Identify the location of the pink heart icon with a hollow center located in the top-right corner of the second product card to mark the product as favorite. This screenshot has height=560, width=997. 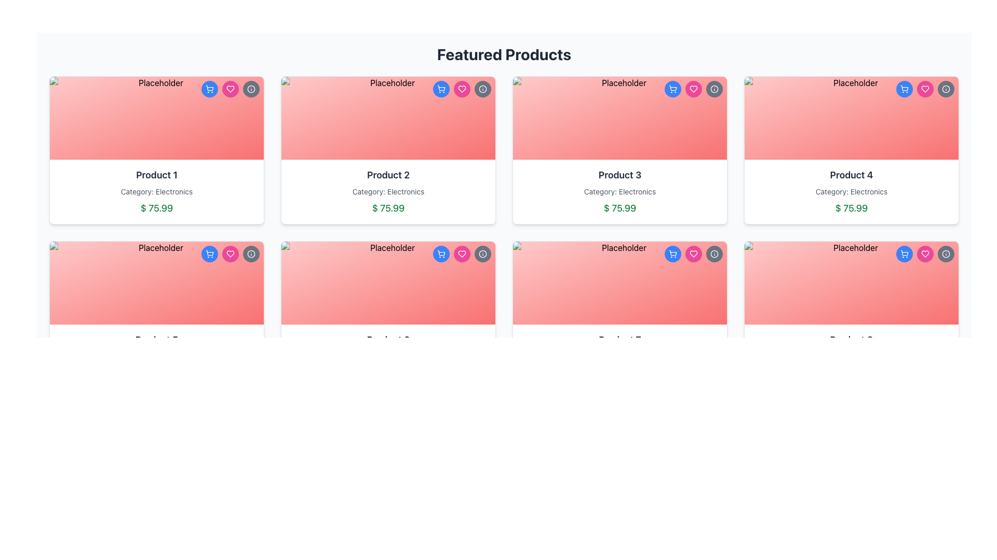
(461, 89).